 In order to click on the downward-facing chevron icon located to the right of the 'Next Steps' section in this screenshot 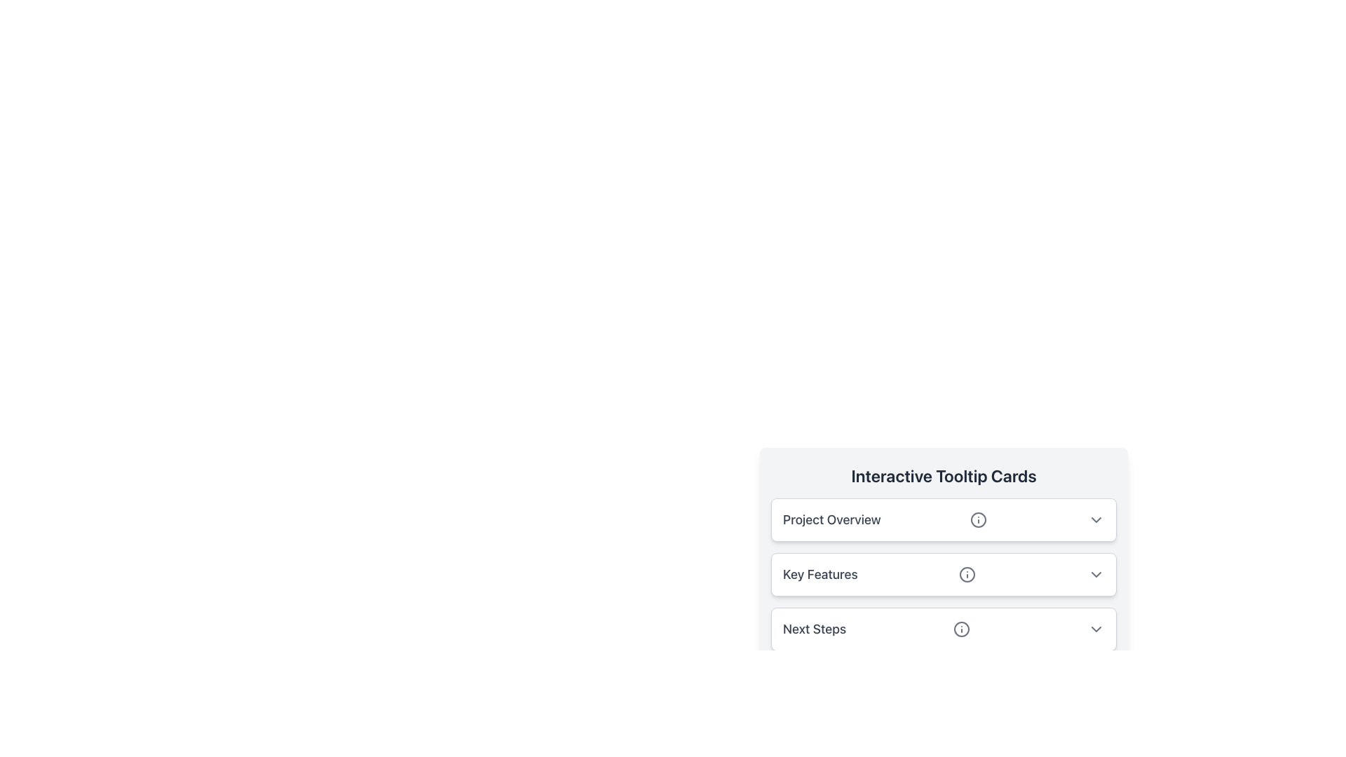, I will do `click(1096, 629)`.